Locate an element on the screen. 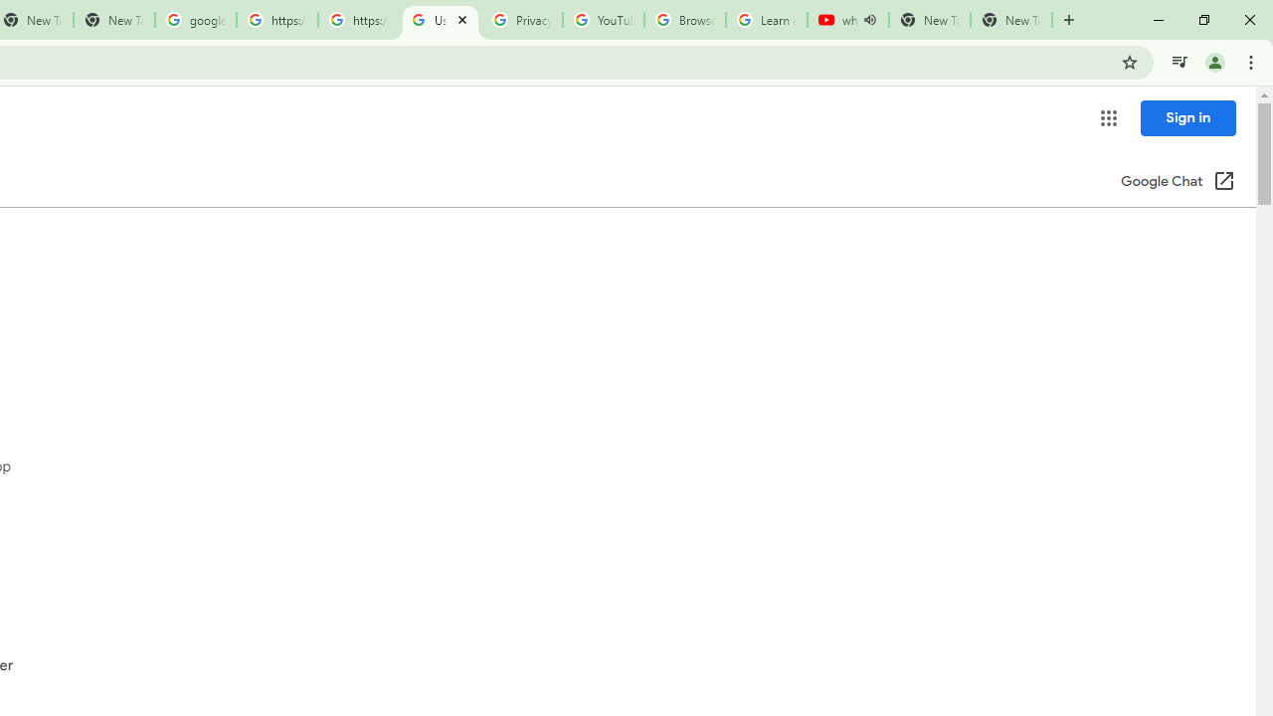 The width and height of the screenshot is (1273, 716). 'YouTube' is located at coordinates (602, 20).